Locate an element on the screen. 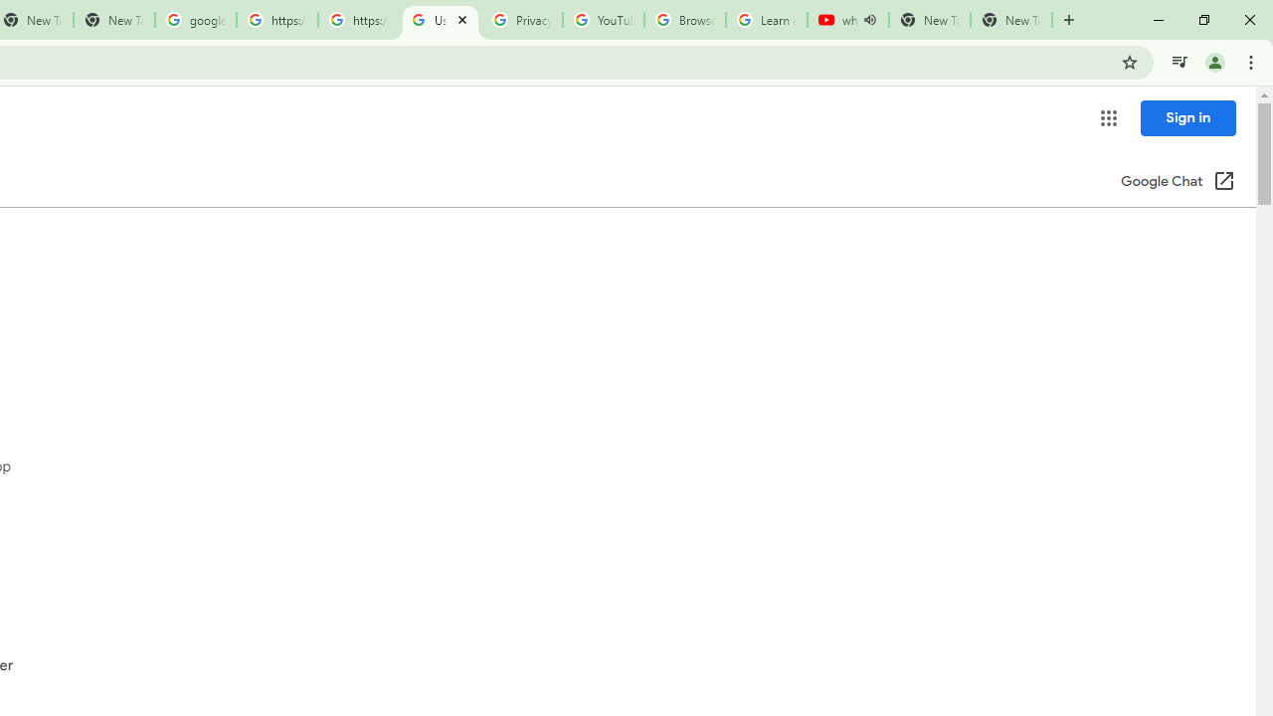 The width and height of the screenshot is (1273, 716). 'YouTube' is located at coordinates (602, 20).